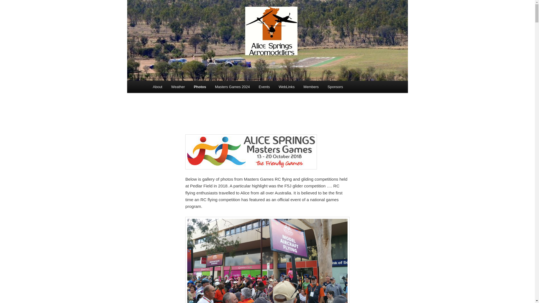 This screenshot has height=303, width=539. Describe the element at coordinates (274, 87) in the screenshot. I see `'WebLinks'` at that location.